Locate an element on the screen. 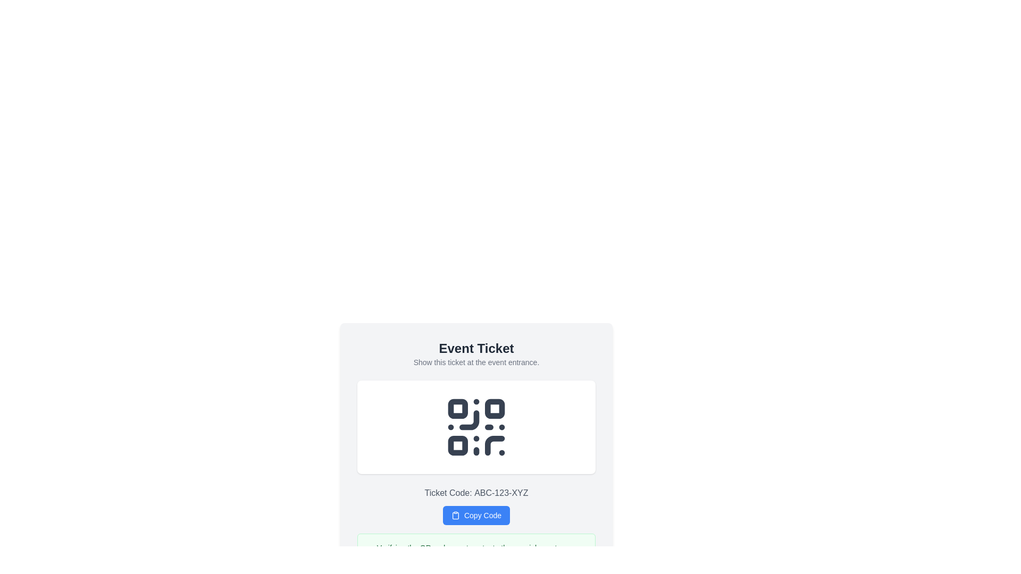  the small square with rounded corners located at the top-right corner of the QR code-like structure, specifically the second square from the top-left among the smaller squares is located at coordinates (494, 408).